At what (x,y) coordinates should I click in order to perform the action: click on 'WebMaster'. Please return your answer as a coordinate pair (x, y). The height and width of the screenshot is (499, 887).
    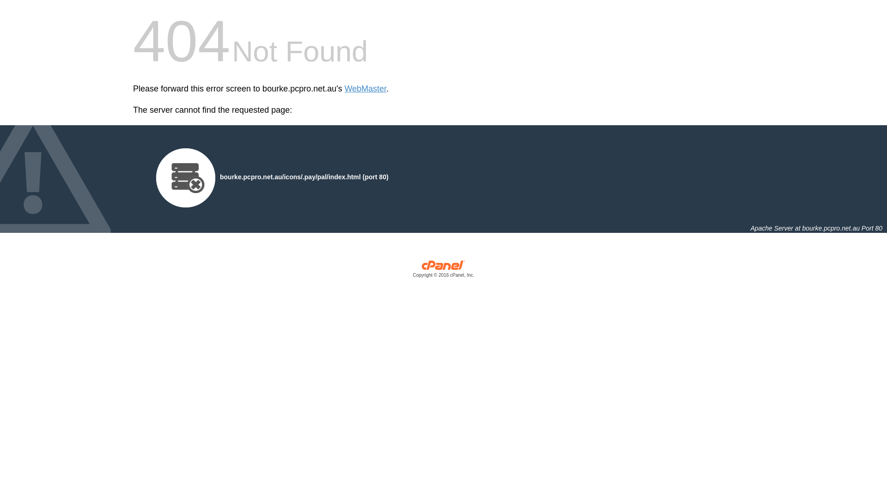
    Looking at the image, I should click on (365, 89).